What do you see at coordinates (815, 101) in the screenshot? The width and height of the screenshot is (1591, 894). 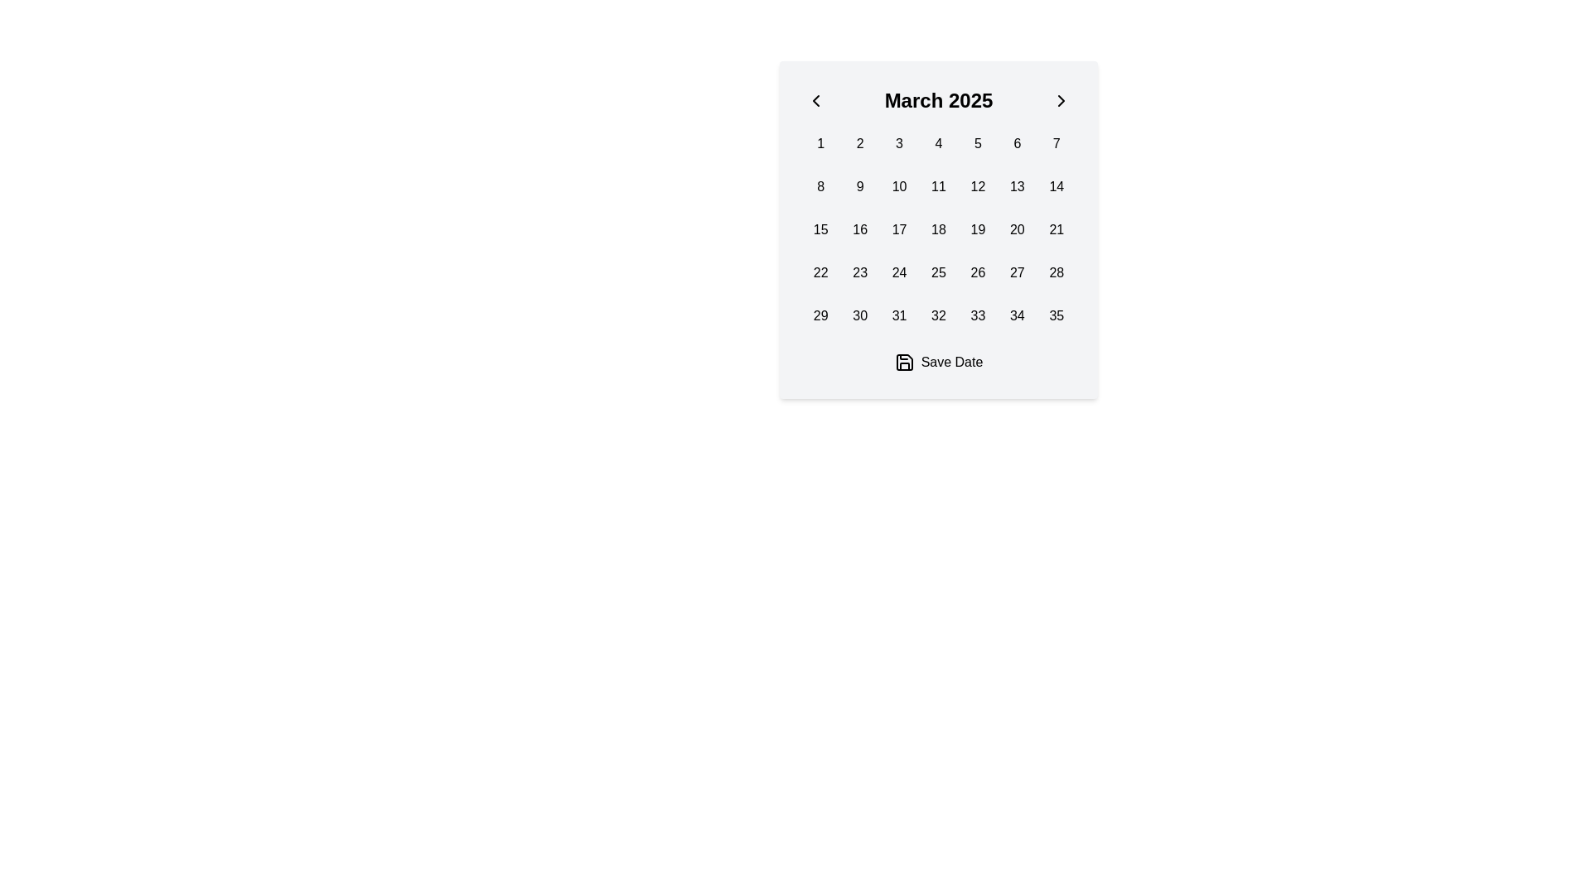 I see `the left chevron icon in the SVG element` at bounding box center [815, 101].